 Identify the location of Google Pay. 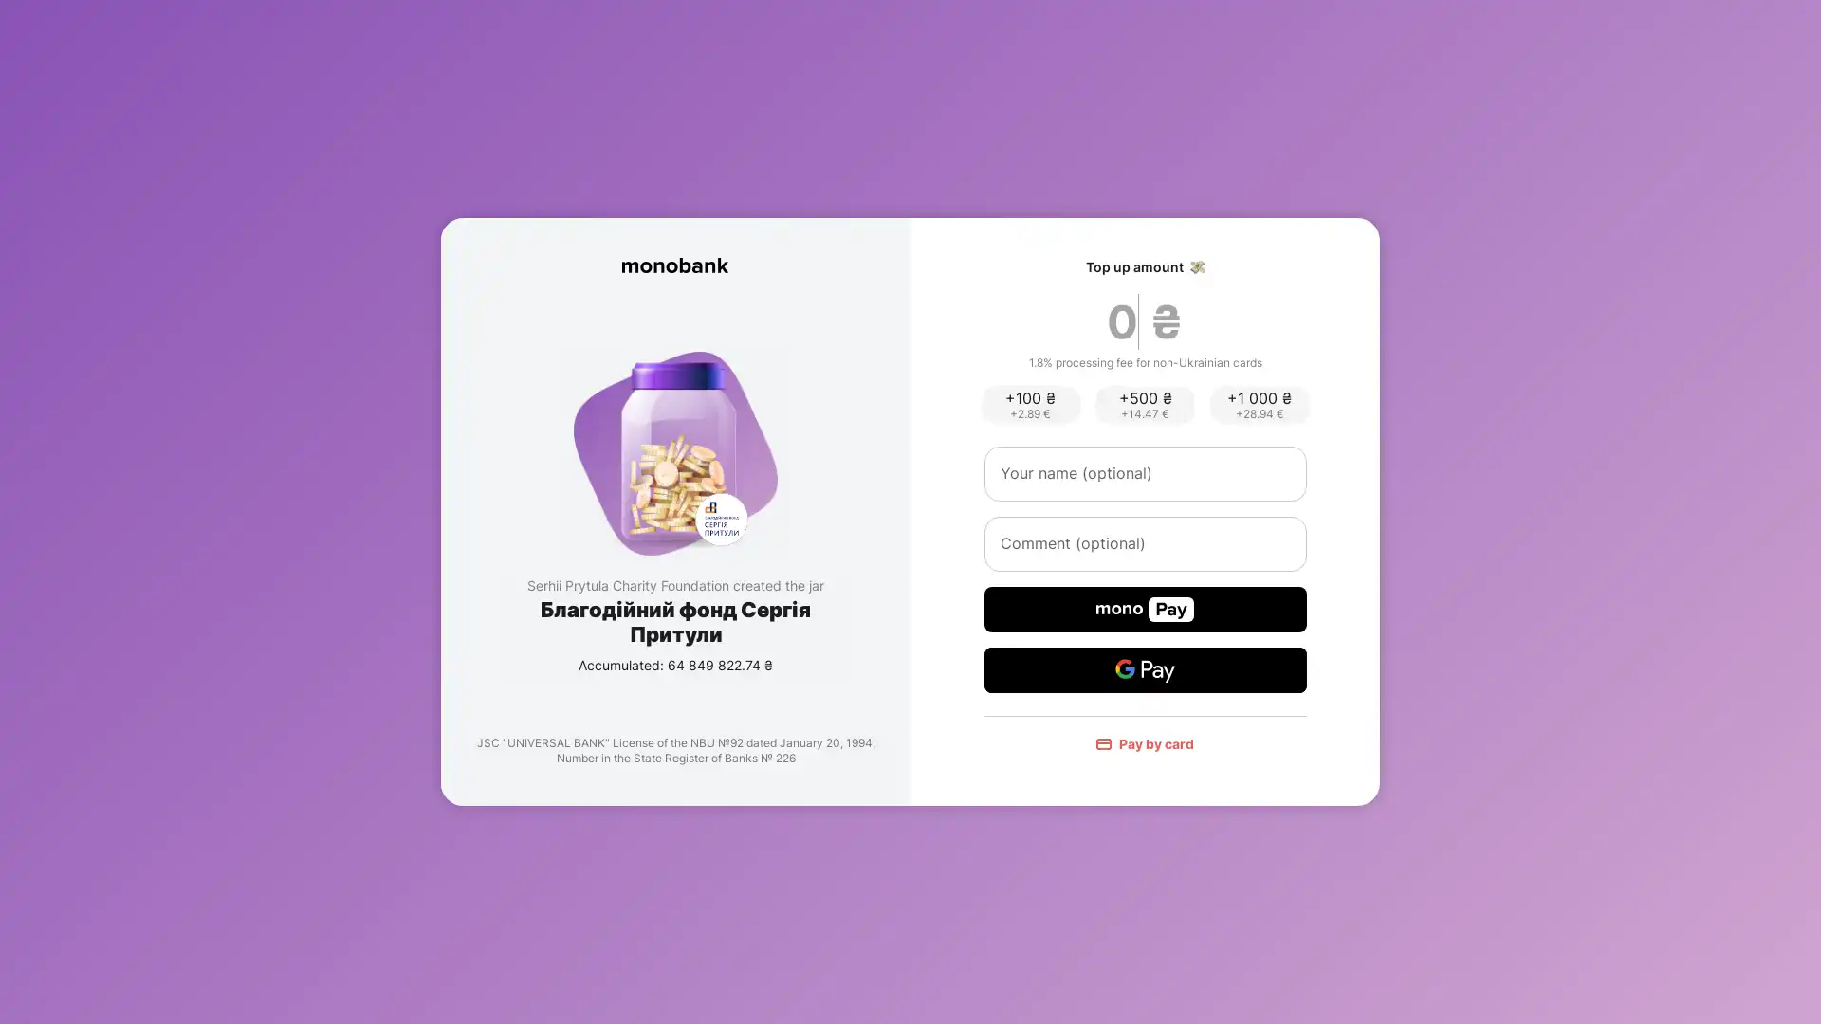
(1143, 668).